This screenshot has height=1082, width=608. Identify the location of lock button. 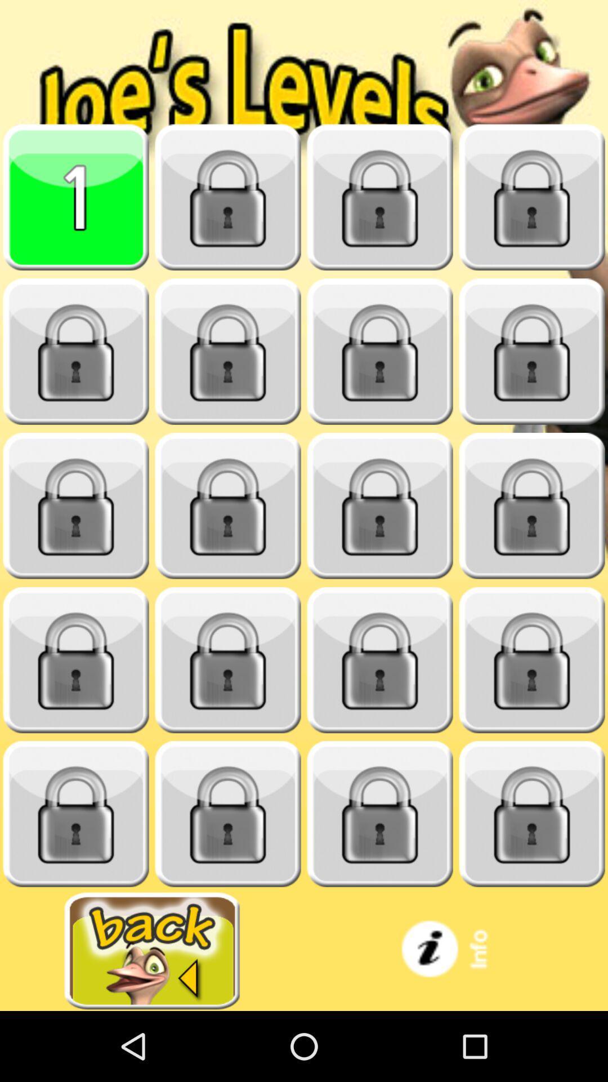
(532, 660).